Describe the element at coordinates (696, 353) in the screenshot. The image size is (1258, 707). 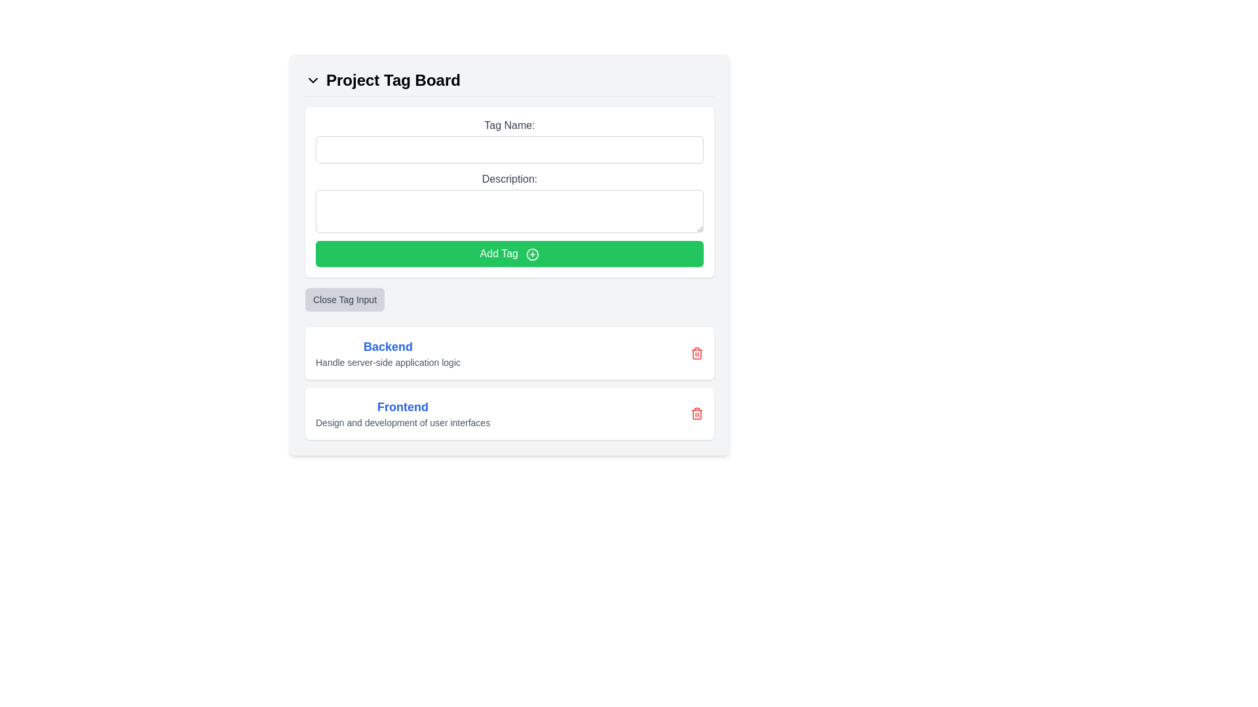
I see `the red trash can icon button located at the far-right end of the card titled 'Backend'` at that location.